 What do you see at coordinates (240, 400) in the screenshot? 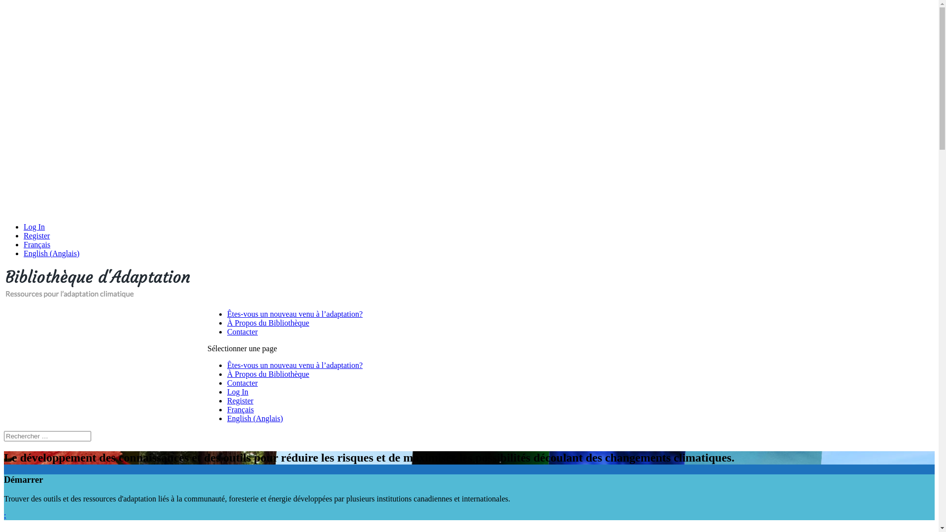
I see `'Register'` at bounding box center [240, 400].